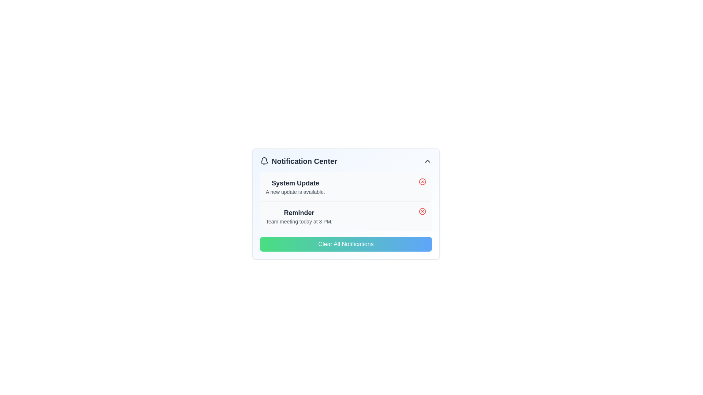 Image resolution: width=703 pixels, height=395 pixels. I want to click on the text block that says 'Team meeting today at 3 PM.', which is located beneath the 'Reminder' heading in a gray color tone, so click(299, 221).